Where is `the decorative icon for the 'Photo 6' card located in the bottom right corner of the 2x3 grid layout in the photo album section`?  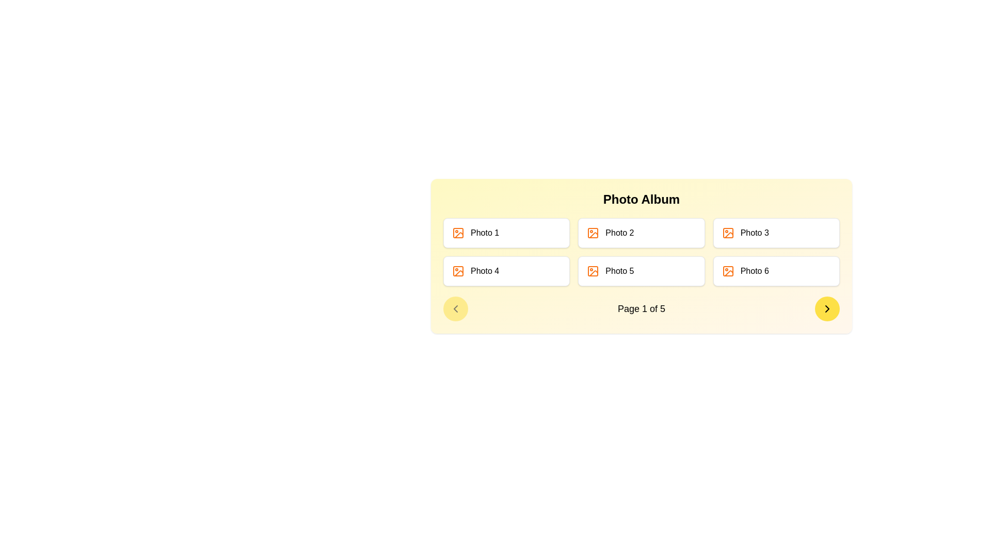
the decorative icon for the 'Photo 6' card located in the bottom right corner of the 2x3 grid layout in the photo album section is located at coordinates (727, 270).